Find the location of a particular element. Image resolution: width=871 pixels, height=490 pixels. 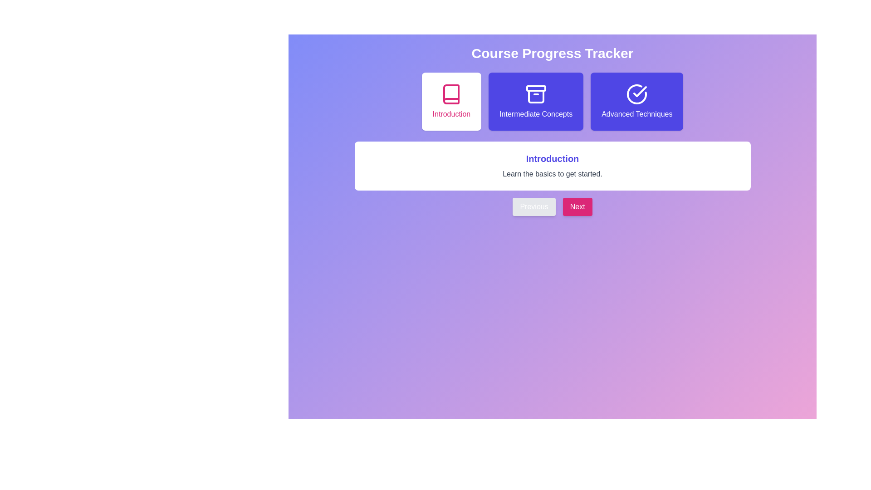

the card corresponding to Introduction to select it is located at coordinates (451, 101).